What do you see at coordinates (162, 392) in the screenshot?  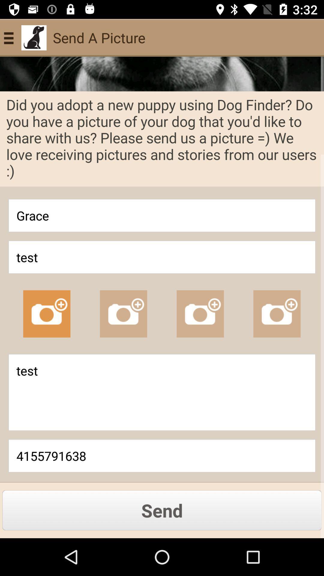 I see `the button above 4155791638` at bounding box center [162, 392].